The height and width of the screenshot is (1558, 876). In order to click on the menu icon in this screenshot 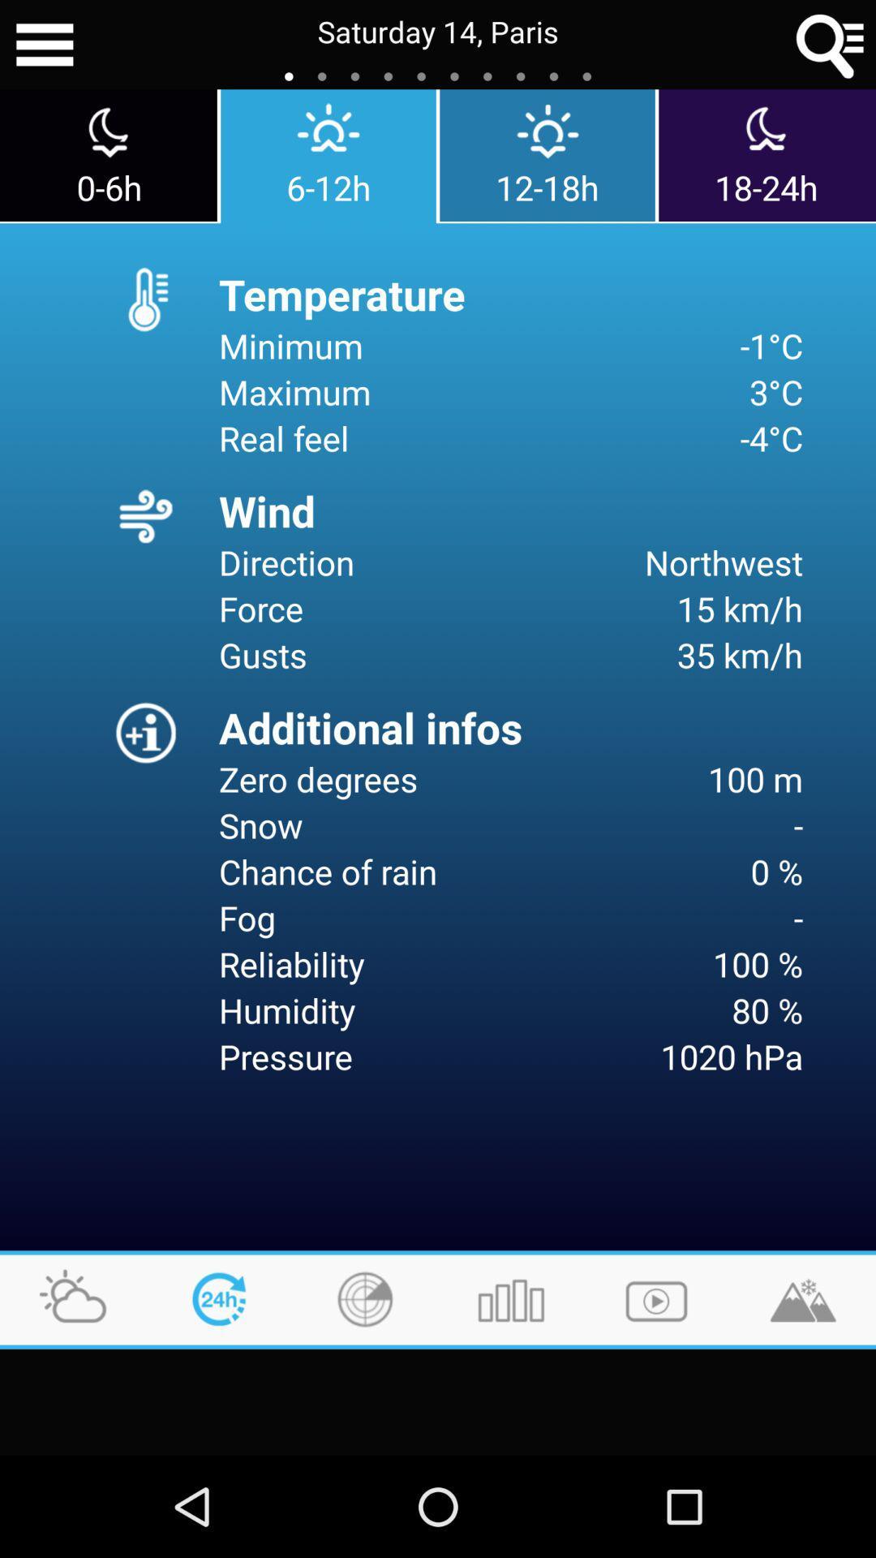, I will do `click(44, 47)`.